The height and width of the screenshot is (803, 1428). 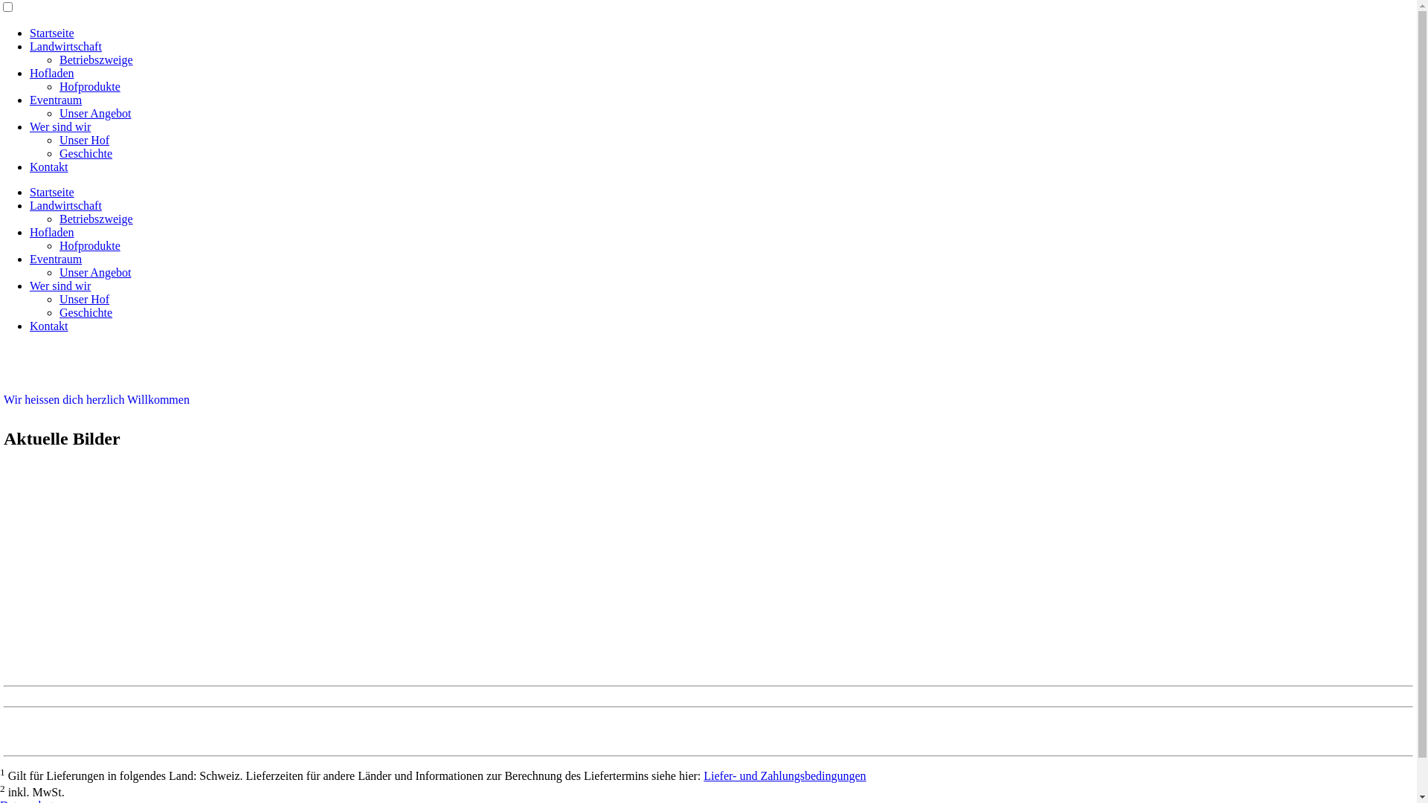 What do you see at coordinates (89, 245) in the screenshot?
I see `'Hofprodukte'` at bounding box center [89, 245].